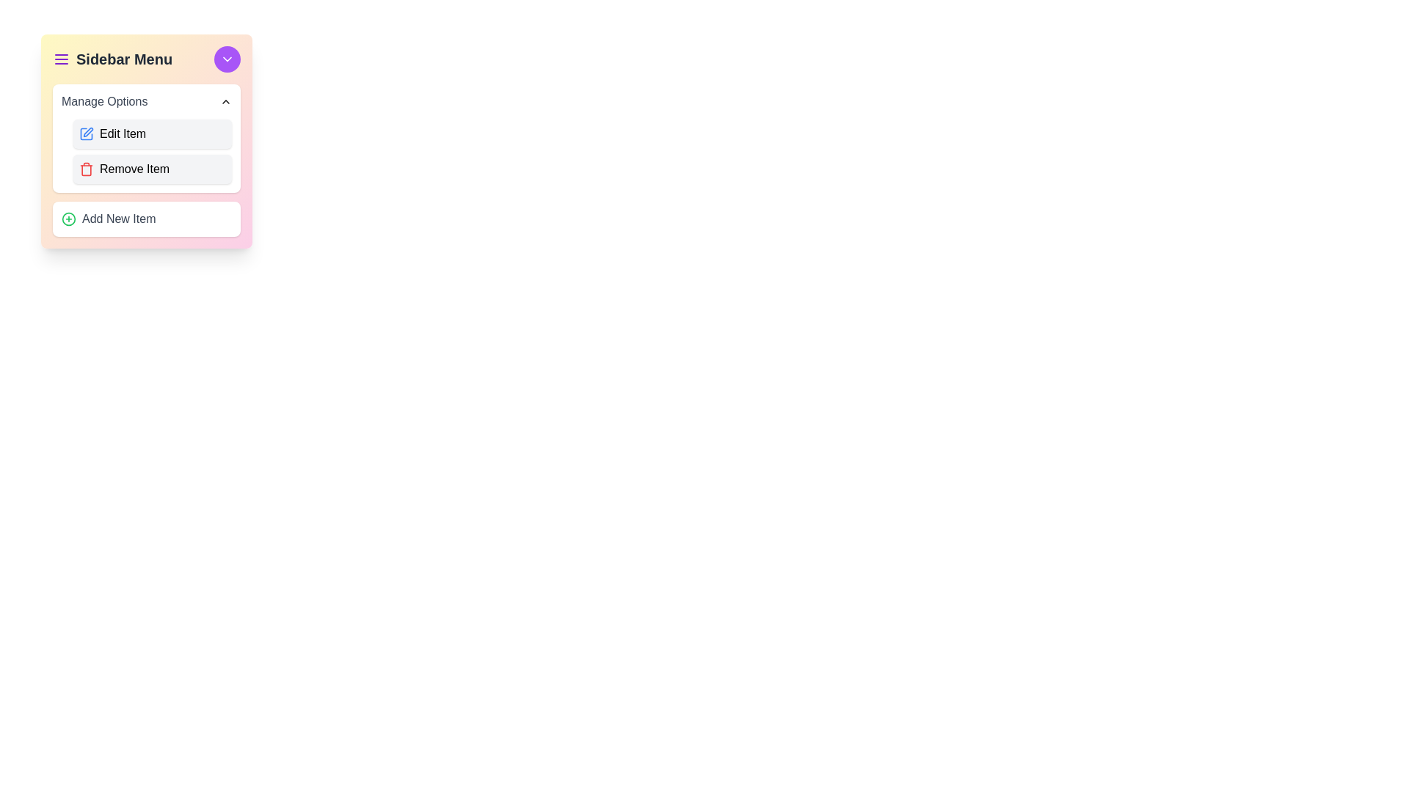  Describe the element at coordinates (147, 100) in the screenshot. I see `the dropdown header or expandable menu toggle located at the top of the sidebar, above the 'Edit Item' and 'Remove Item' buttons` at that location.